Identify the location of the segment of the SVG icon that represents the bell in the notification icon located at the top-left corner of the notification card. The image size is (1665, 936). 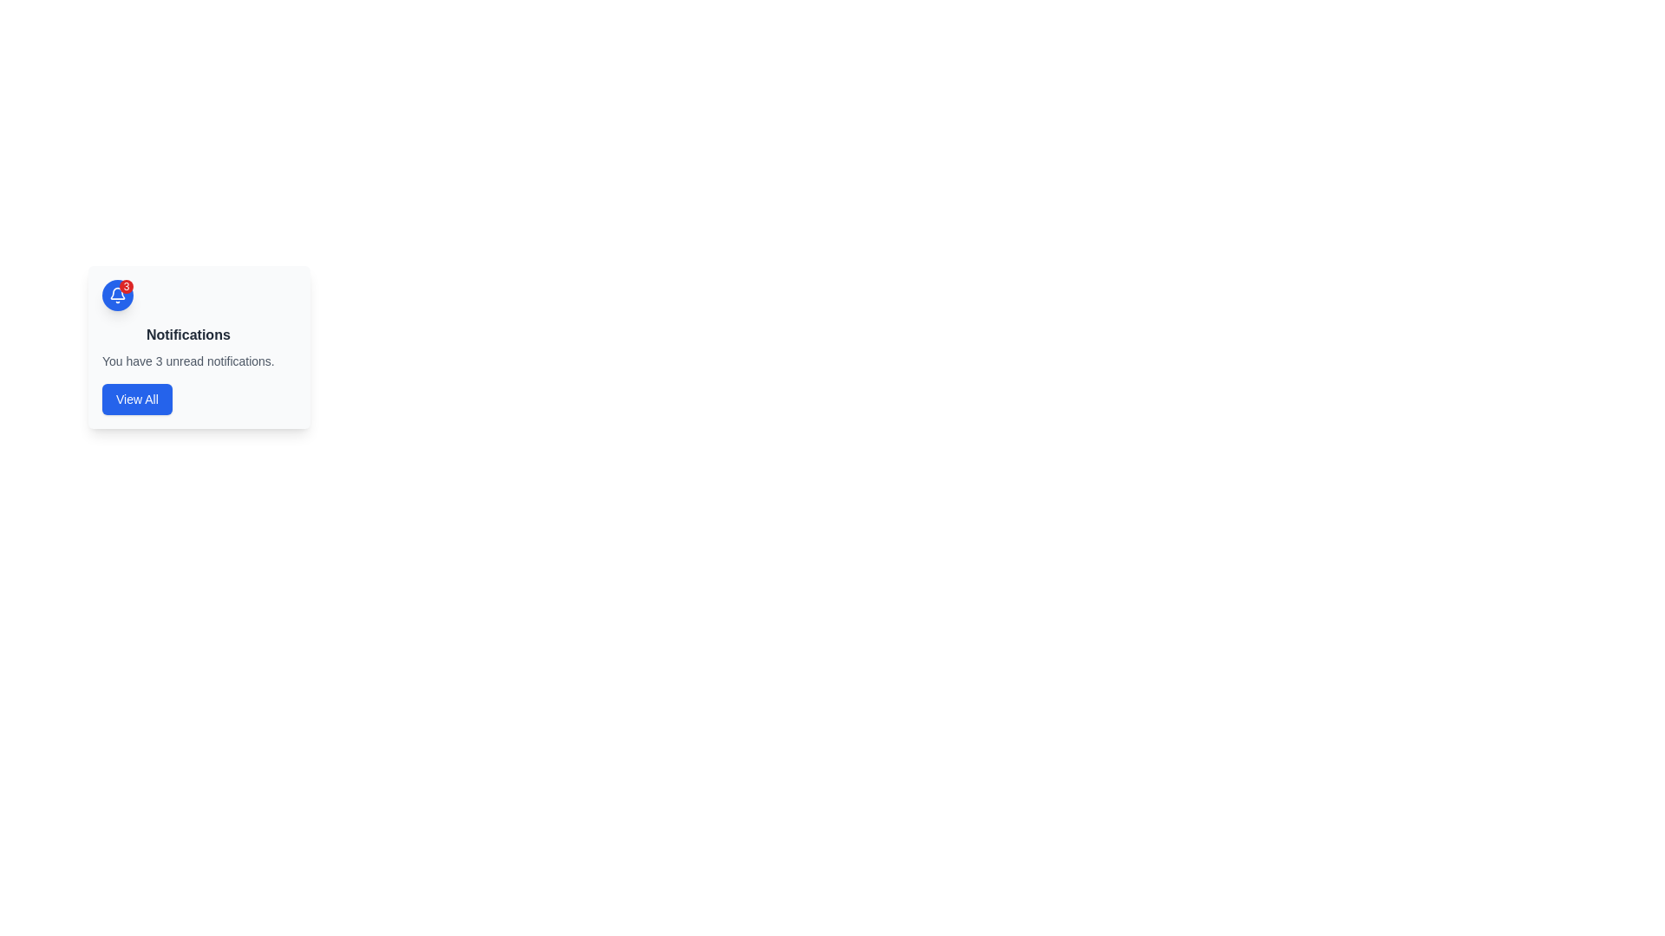
(116, 292).